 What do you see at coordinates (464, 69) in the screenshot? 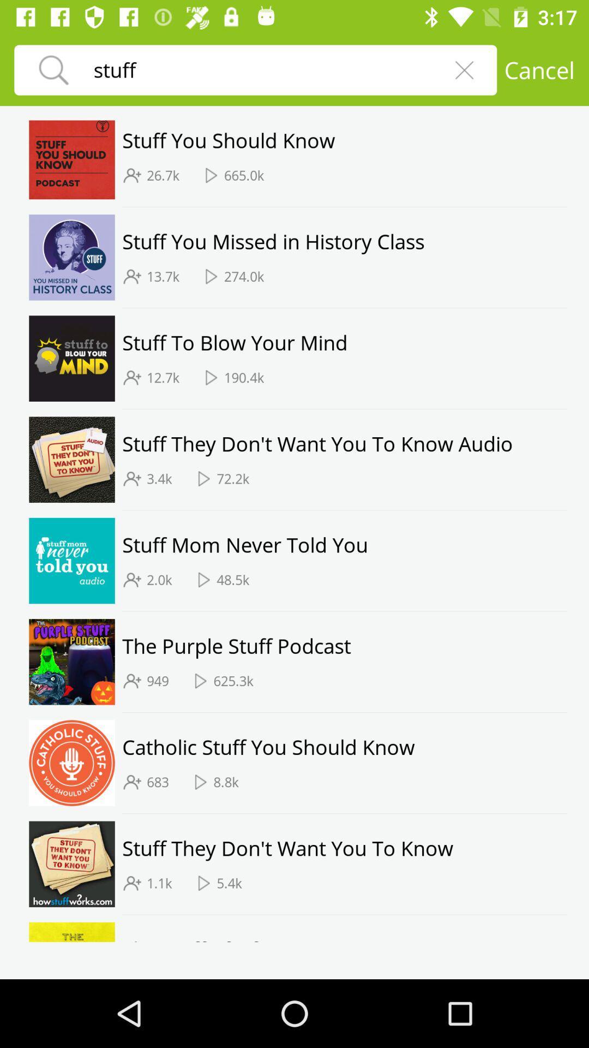
I see `the item next to stuff icon` at bounding box center [464, 69].